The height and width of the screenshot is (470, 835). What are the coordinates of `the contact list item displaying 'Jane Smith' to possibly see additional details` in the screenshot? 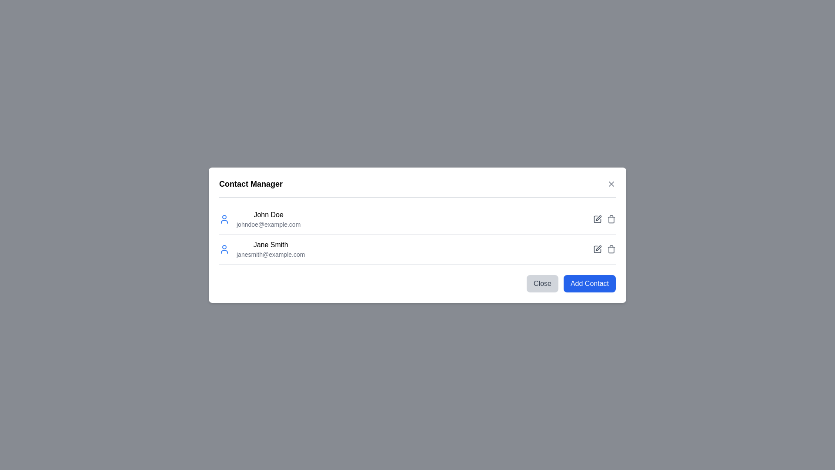 It's located at (261, 249).